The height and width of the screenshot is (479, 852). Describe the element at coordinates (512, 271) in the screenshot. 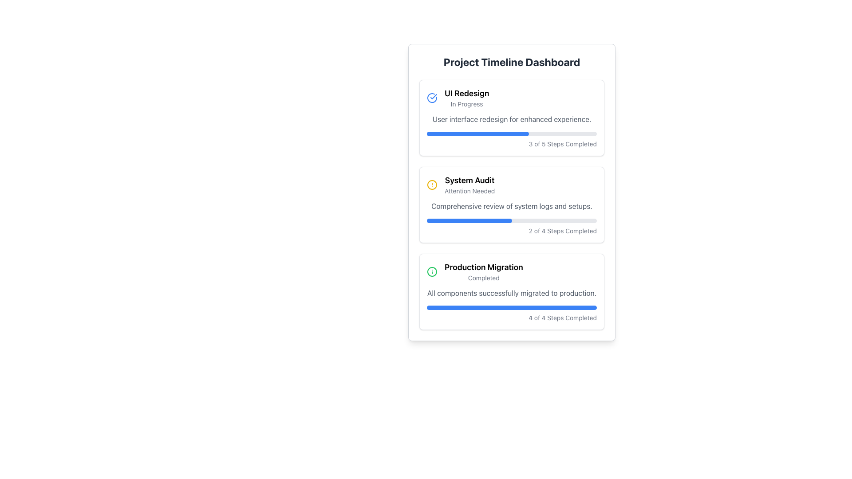

I see `the green circular icon with an information glyph on the left of the 'Production Migration' text` at that location.